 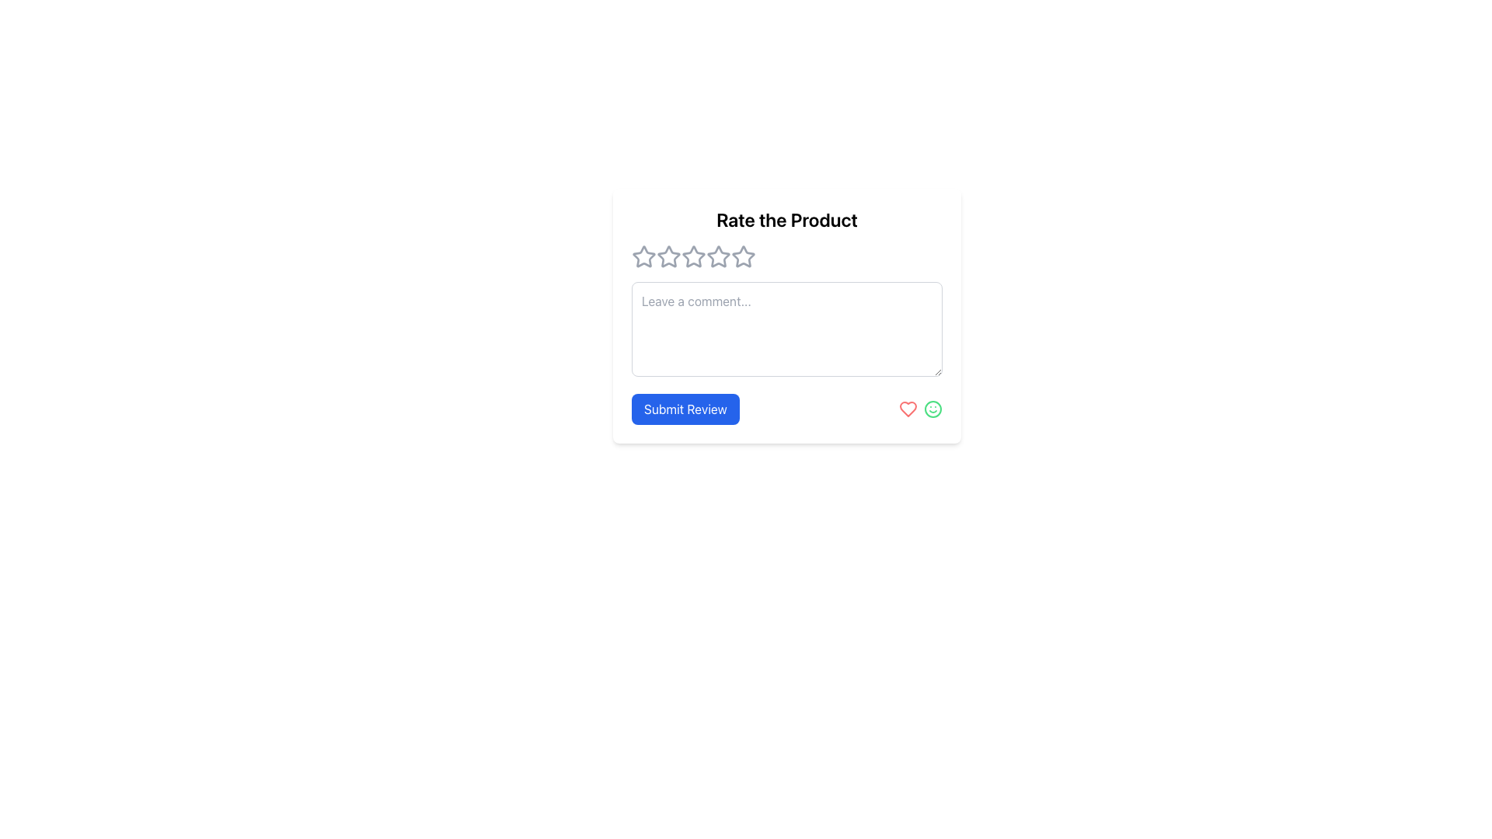 What do you see at coordinates (786, 219) in the screenshot?
I see `the text label that serves as a heading for rating a product, located at the top-center of the card above the star icons` at bounding box center [786, 219].